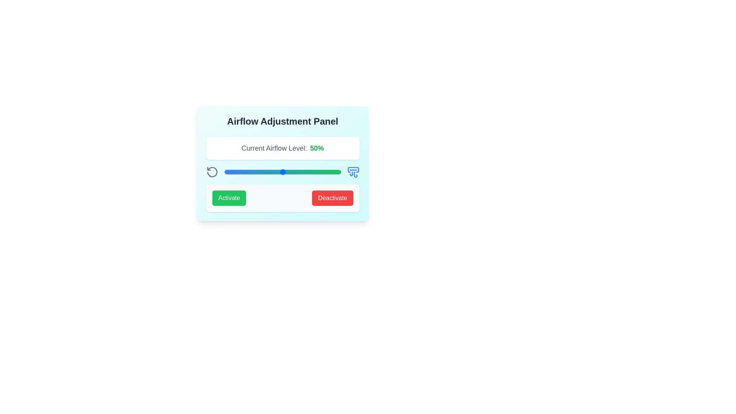 Image resolution: width=736 pixels, height=414 pixels. Describe the element at coordinates (244, 171) in the screenshot. I see `the airflow level to 17% by moving the slider` at that location.